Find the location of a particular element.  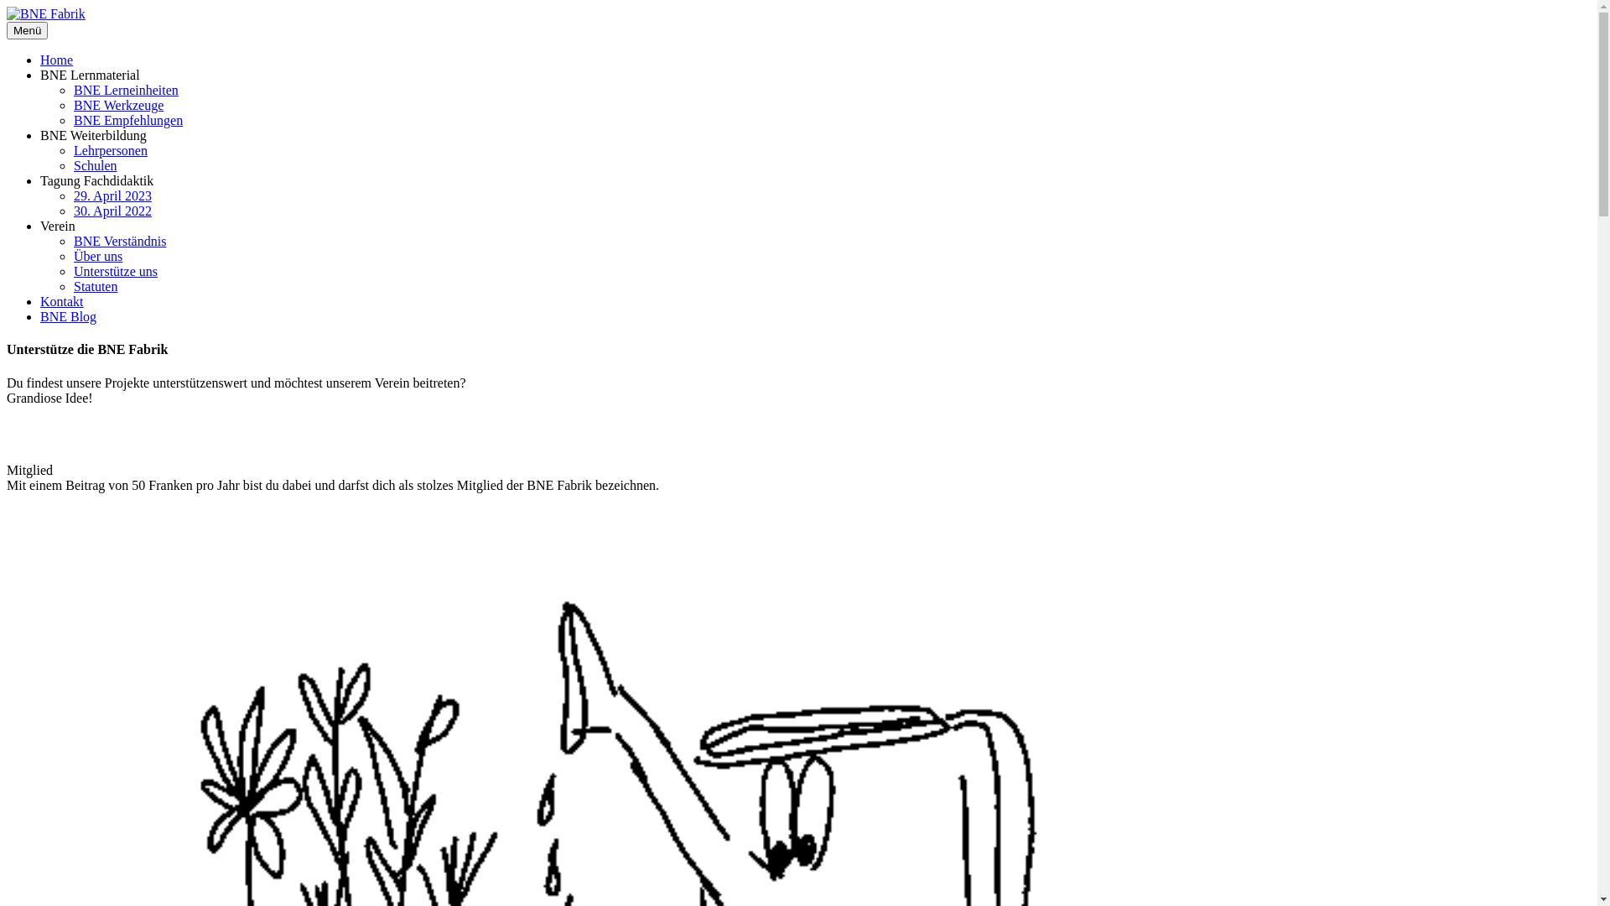

'30. April 2022' is located at coordinates (112, 210).